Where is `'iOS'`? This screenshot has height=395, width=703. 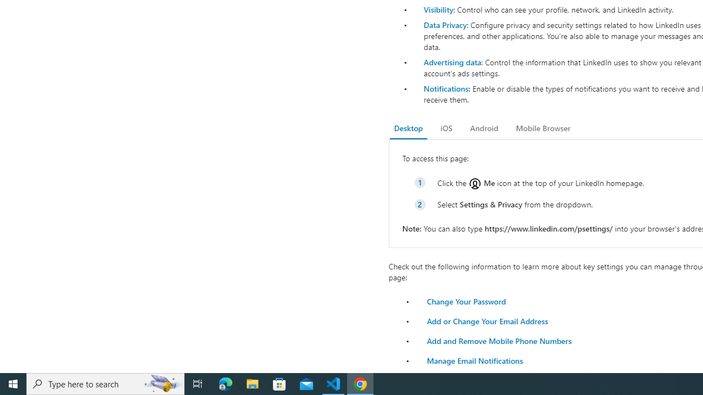 'iOS' is located at coordinates (446, 128).